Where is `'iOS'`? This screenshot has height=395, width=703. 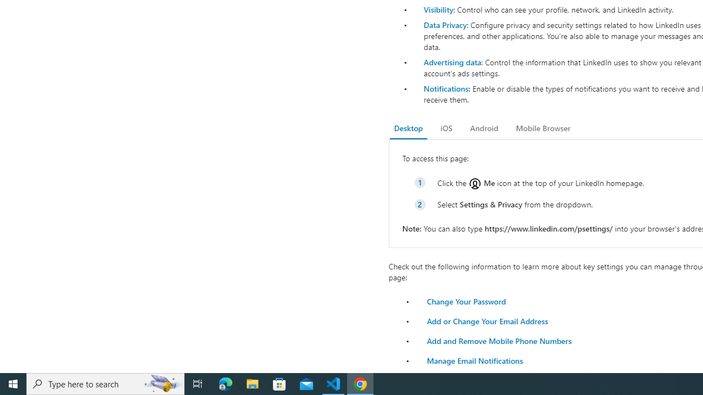 'iOS' is located at coordinates (446, 128).